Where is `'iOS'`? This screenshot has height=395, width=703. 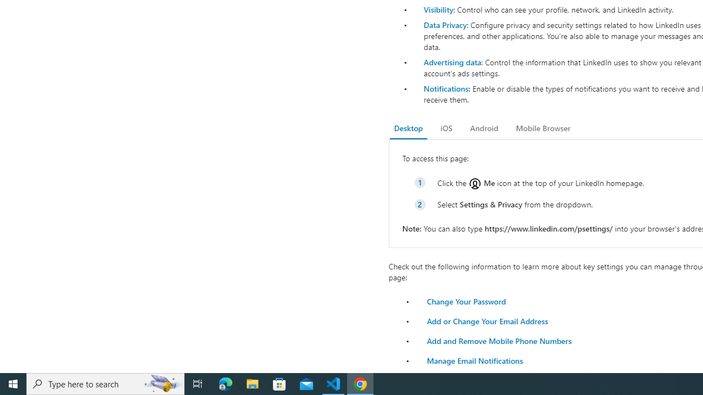 'iOS' is located at coordinates (446, 128).